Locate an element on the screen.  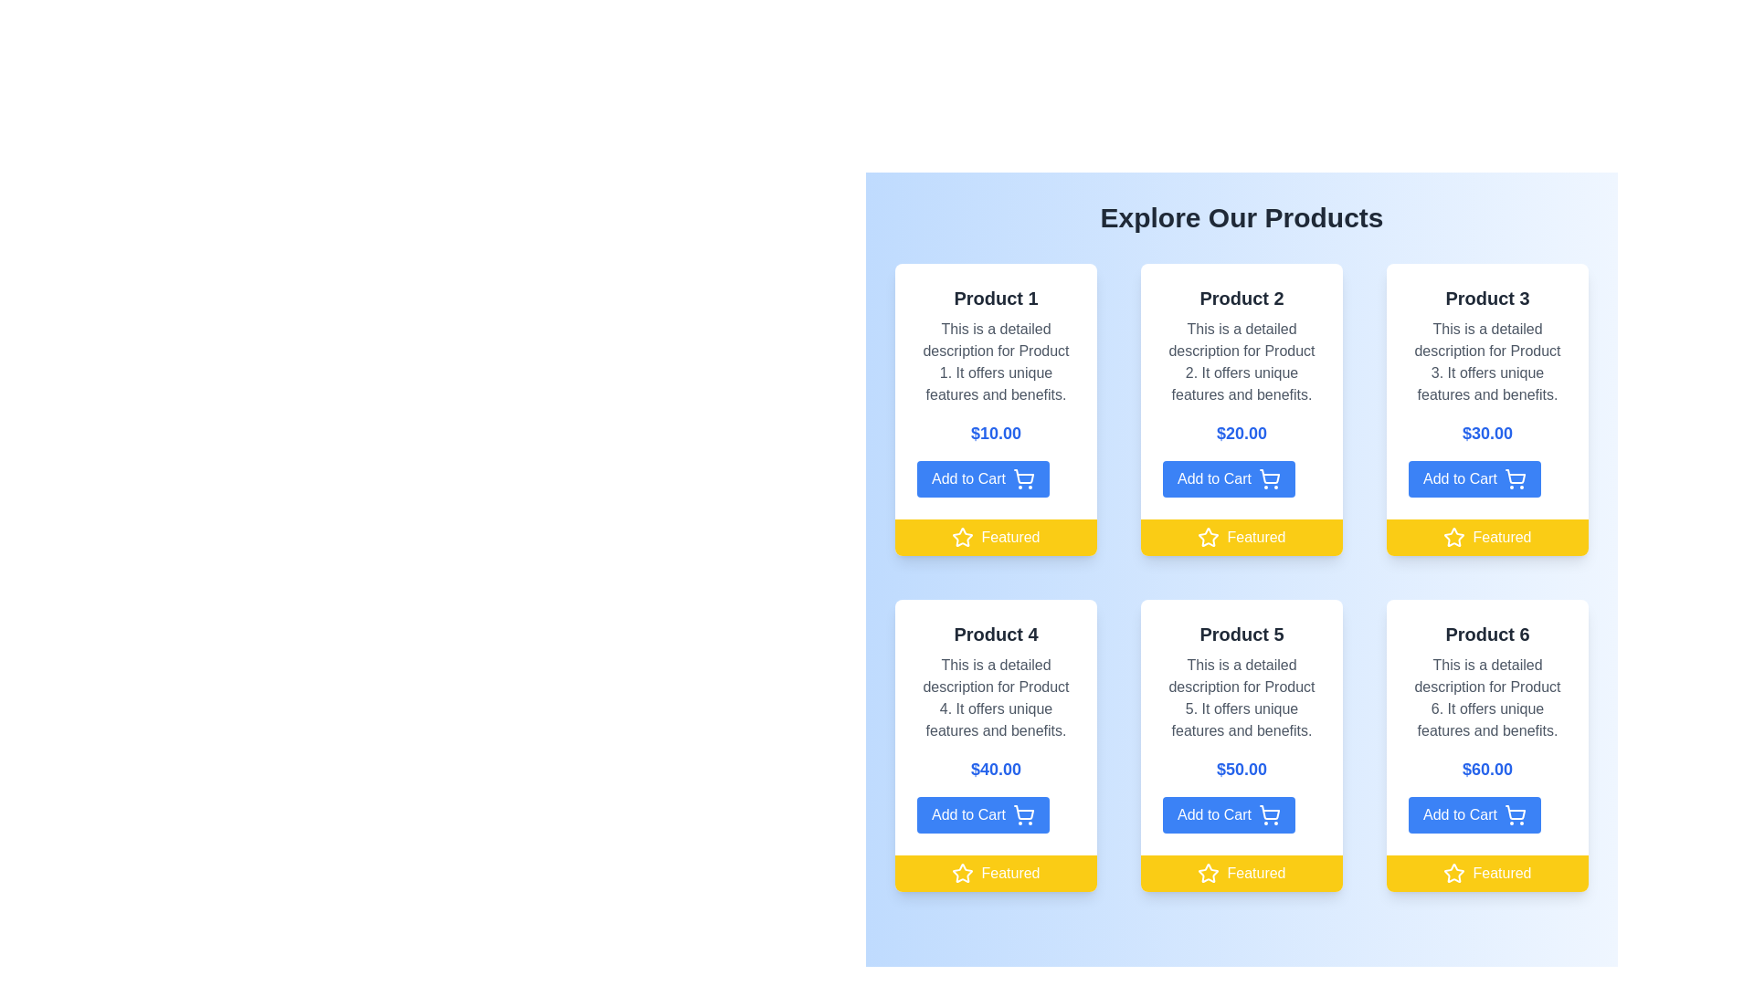
star-shaped icon with a yellow fill and white border located in the 'Featured' bar beneath the 'Product 5' card is located at coordinates (1209, 872).